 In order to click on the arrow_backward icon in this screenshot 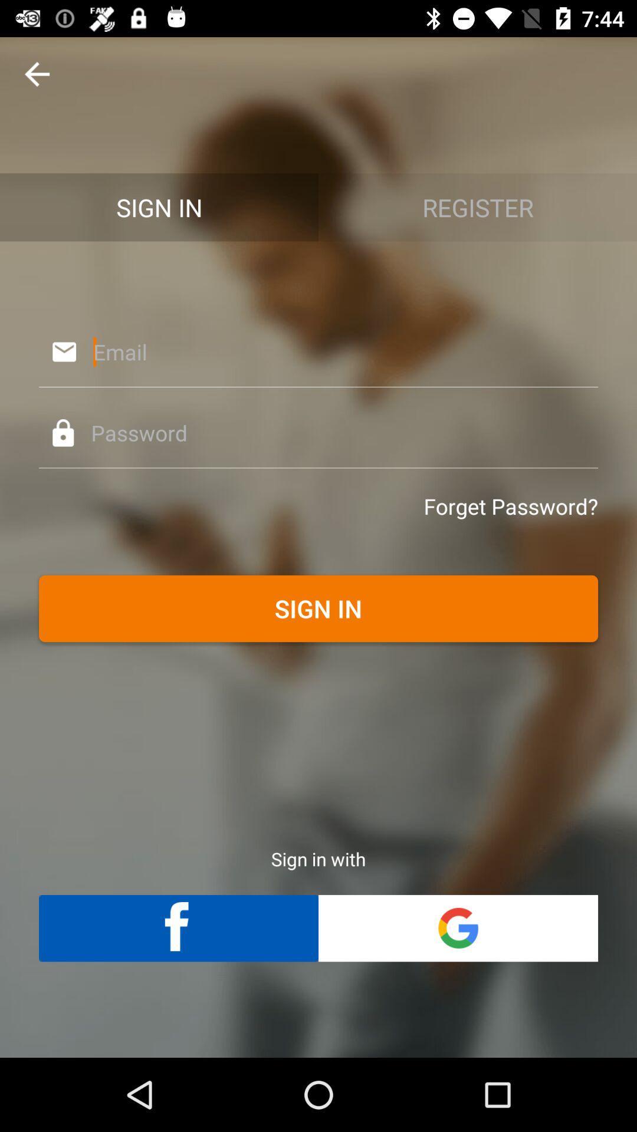, I will do `click(36, 73)`.